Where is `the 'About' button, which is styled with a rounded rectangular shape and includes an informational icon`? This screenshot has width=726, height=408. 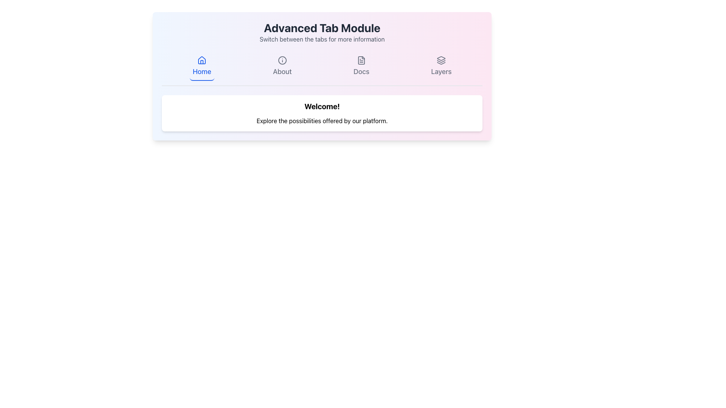
the 'About' button, which is styled with a rounded rectangular shape and includes an informational icon is located at coordinates (282, 66).